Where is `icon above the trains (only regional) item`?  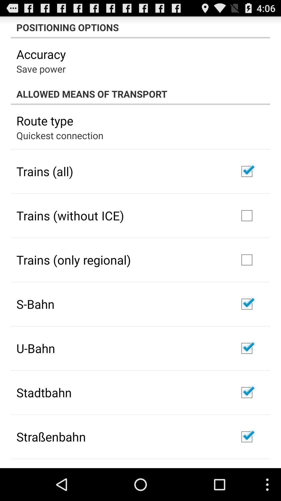 icon above the trains (only regional) item is located at coordinates (70, 216).